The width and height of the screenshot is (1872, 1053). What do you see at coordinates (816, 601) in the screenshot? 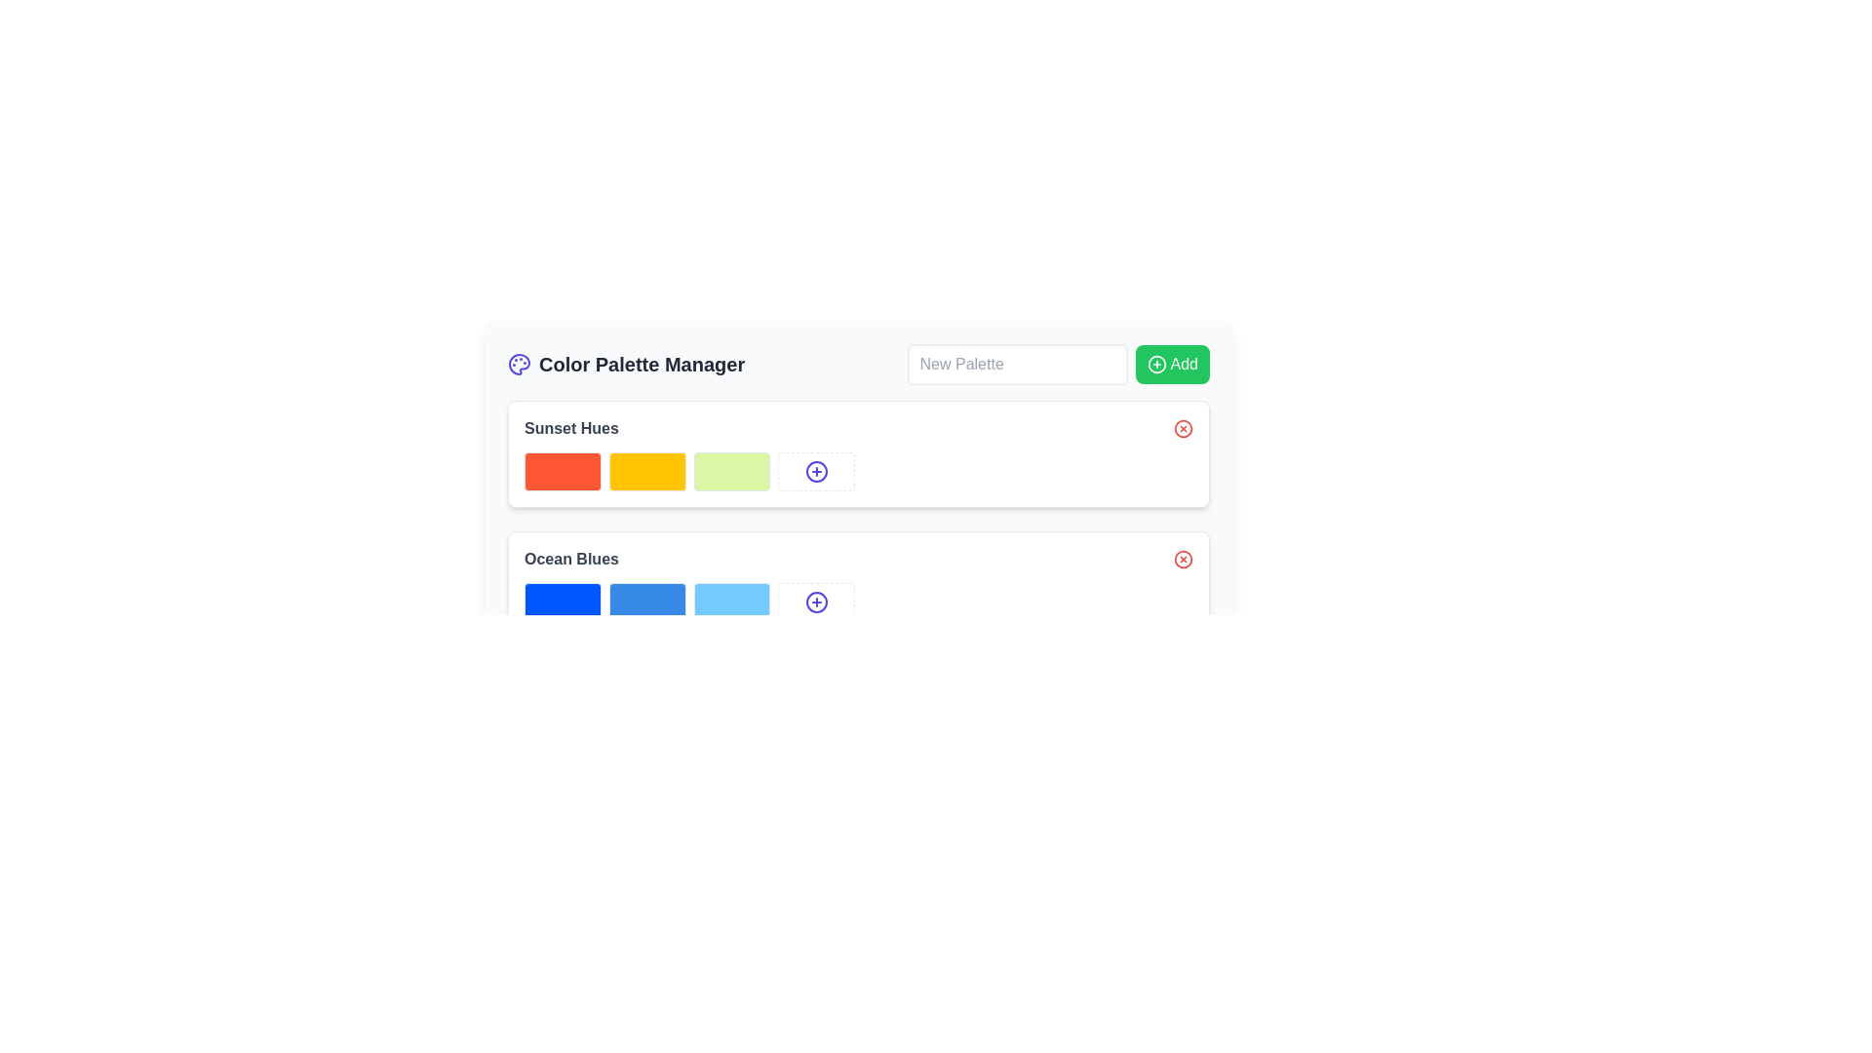
I see `the interactive button to add or create a new item within the 'Ocean Blues' section, located in the fourth slot of an 8-column grid layout` at bounding box center [816, 601].